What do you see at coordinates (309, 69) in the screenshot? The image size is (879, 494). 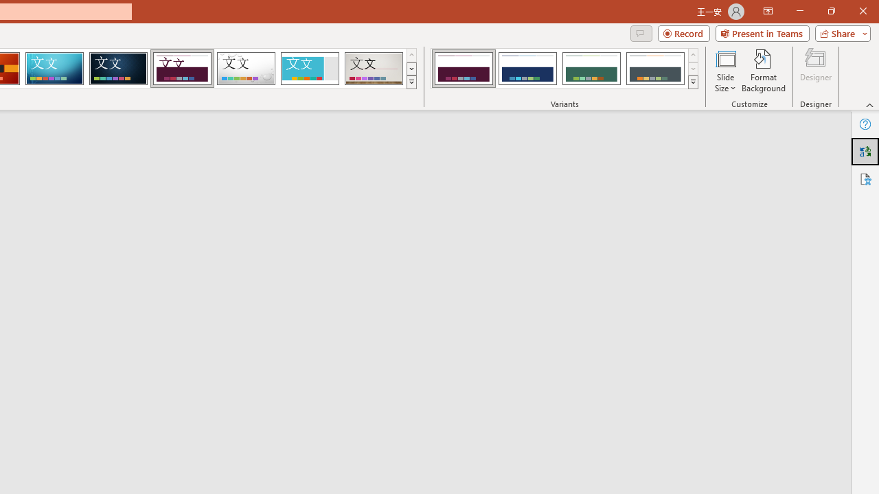 I see `'Frame'` at bounding box center [309, 69].